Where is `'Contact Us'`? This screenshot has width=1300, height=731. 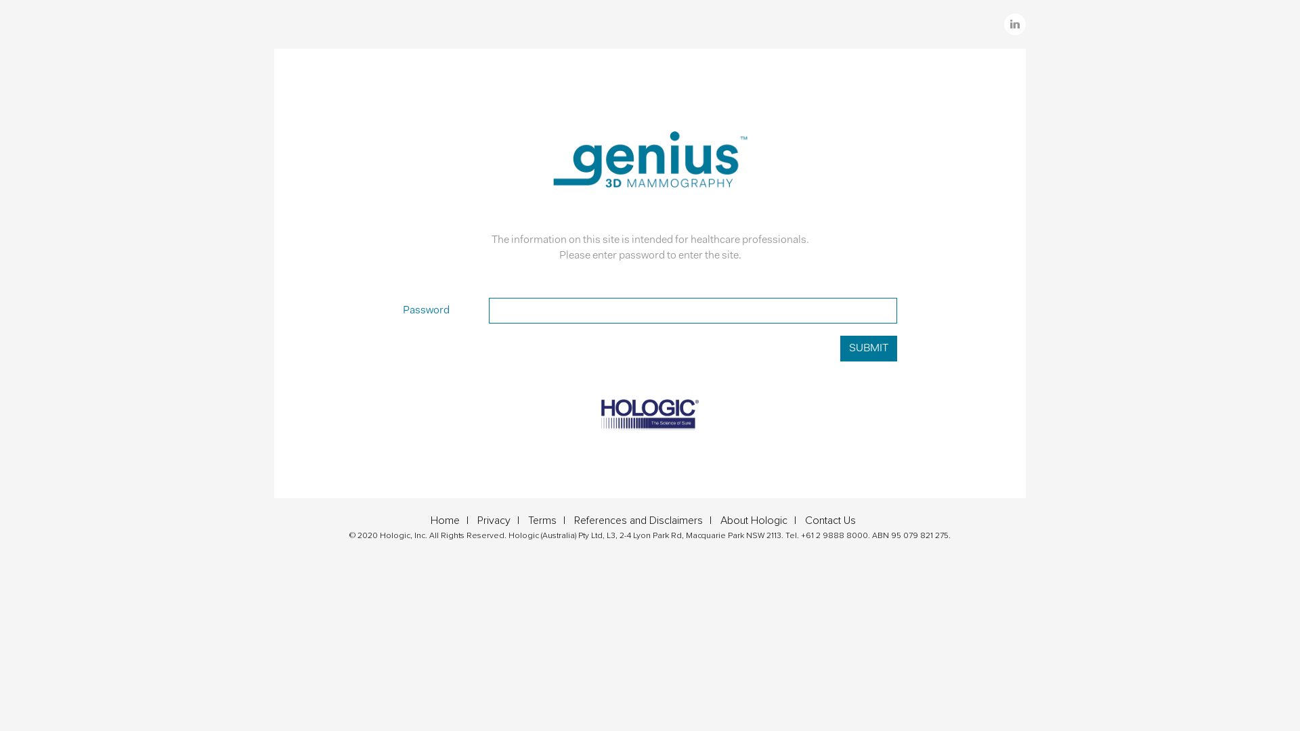 'Contact Us' is located at coordinates (836, 519).